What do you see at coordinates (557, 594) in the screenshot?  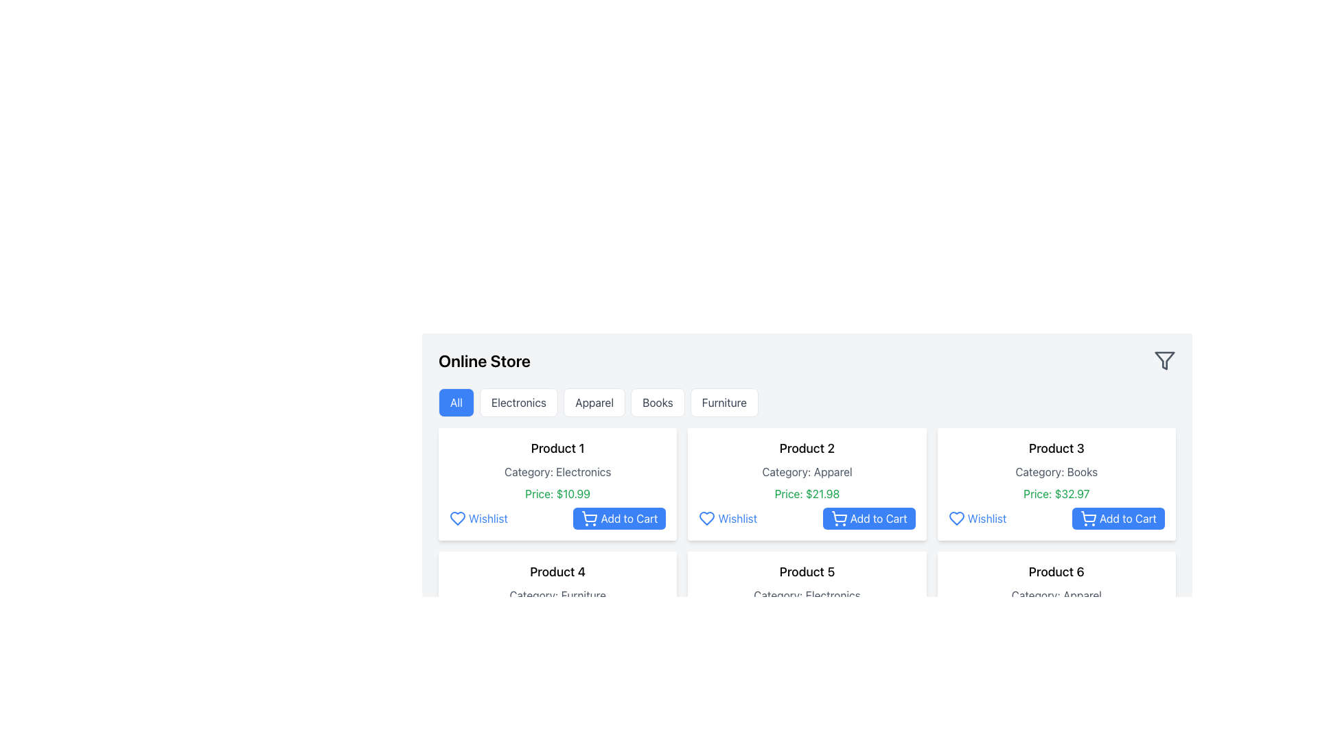 I see `text label indicating the category of the product, which is 'Furniture', located within the product card for 'Product 4', positioned below the title and above the price information` at bounding box center [557, 594].